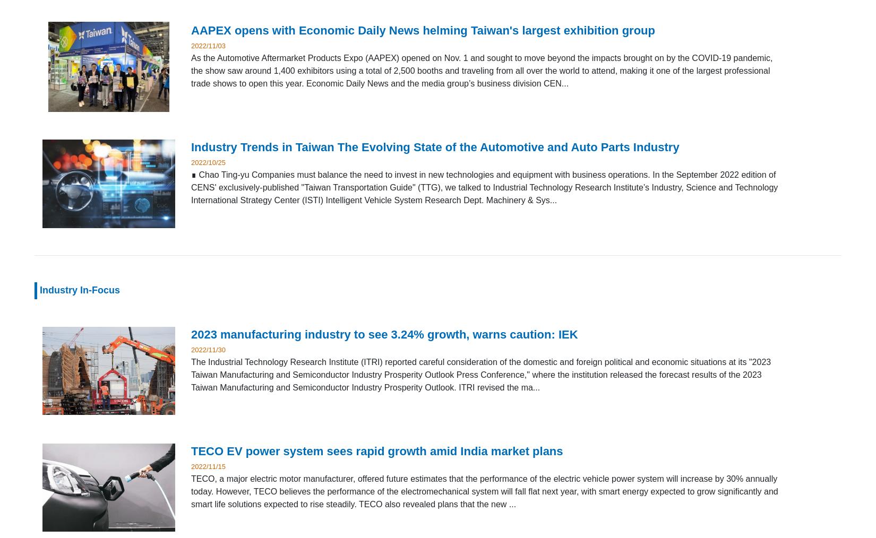 This screenshot has width=876, height=538. What do you see at coordinates (422, 30) in the screenshot?
I see `'AAPEX opens with Economic Daily News helming Taiwan's largest exhibition group'` at bounding box center [422, 30].